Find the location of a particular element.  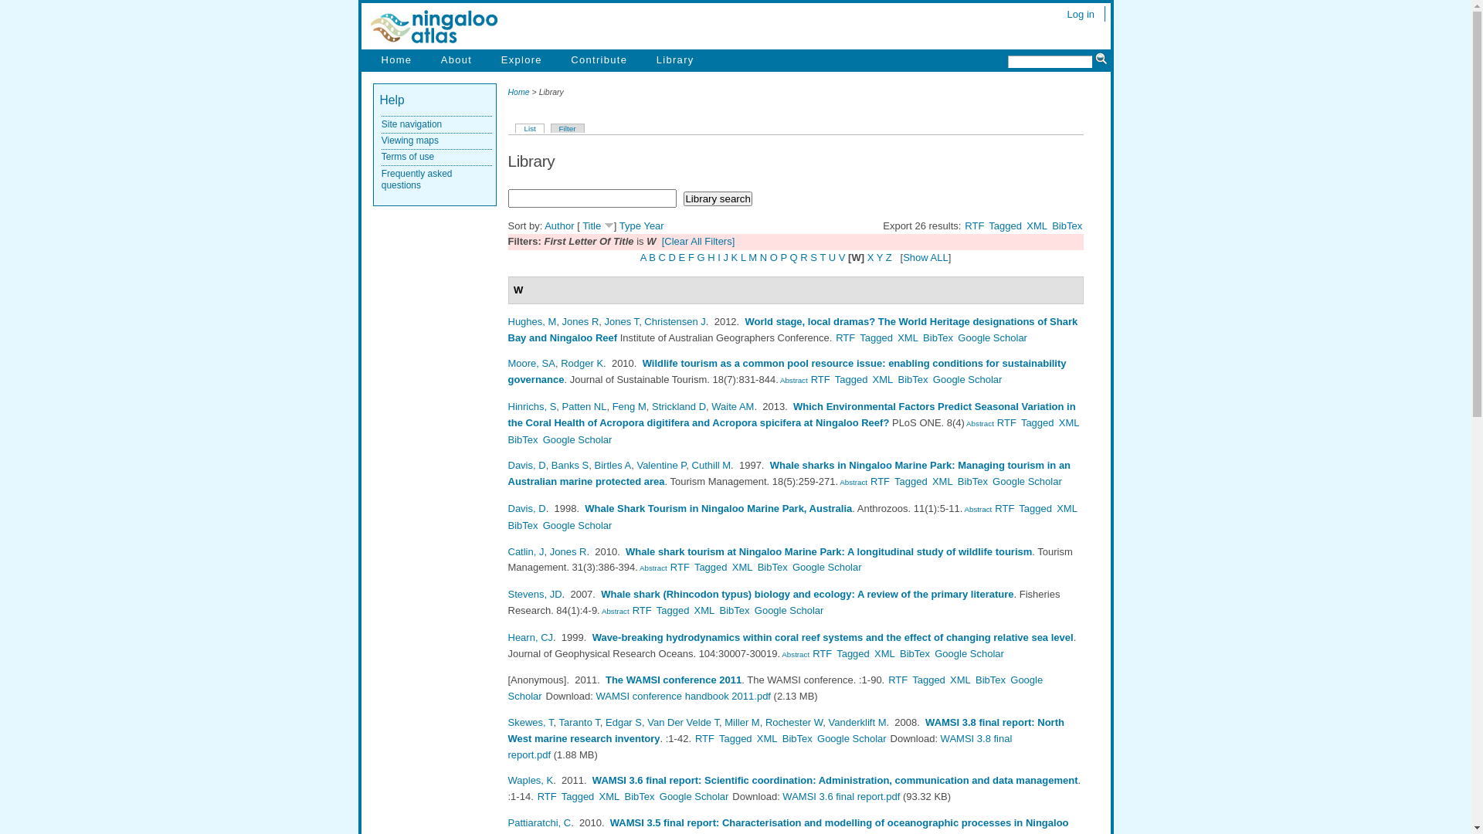

'V' is located at coordinates (841, 256).